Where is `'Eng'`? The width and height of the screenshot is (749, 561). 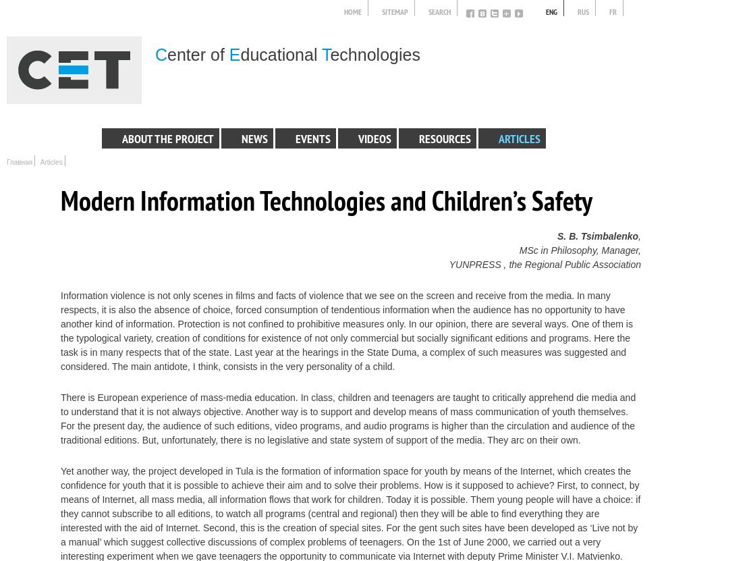 'Eng' is located at coordinates (551, 12).